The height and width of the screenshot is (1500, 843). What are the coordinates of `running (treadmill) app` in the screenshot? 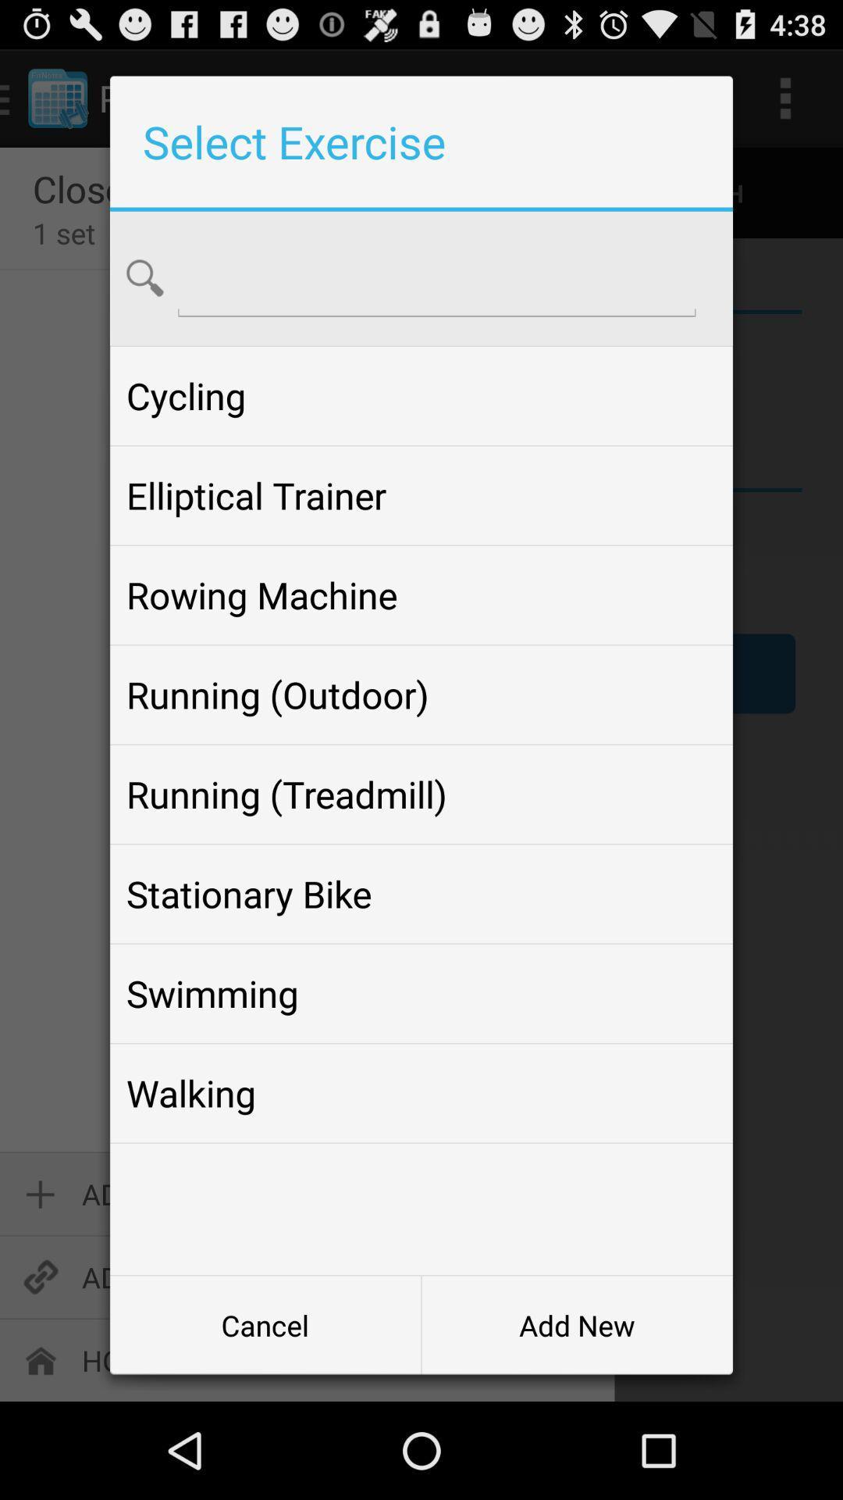 It's located at (421, 795).